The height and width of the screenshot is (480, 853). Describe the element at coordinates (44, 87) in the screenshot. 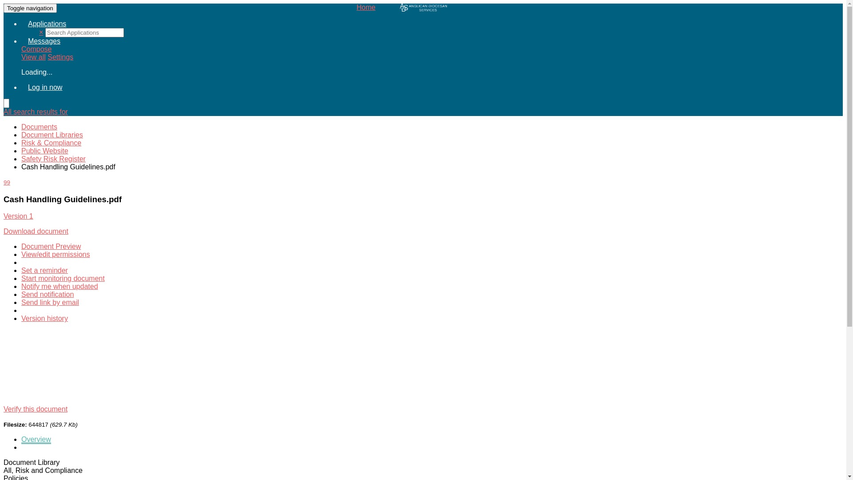

I see `'Log in now'` at that location.